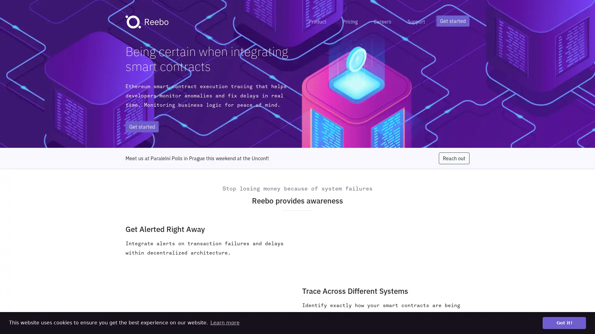 Image resolution: width=595 pixels, height=334 pixels. What do you see at coordinates (453, 21) in the screenshot?
I see `Get started` at bounding box center [453, 21].